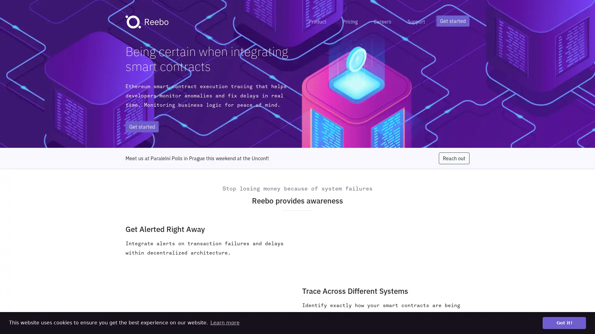 Image resolution: width=595 pixels, height=334 pixels. What do you see at coordinates (453, 21) in the screenshot?
I see `Get started` at bounding box center [453, 21].